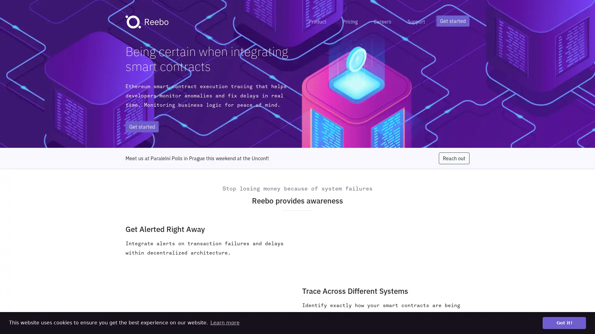 Image resolution: width=595 pixels, height=334 pixels. What do you see at coordinates (453, 21) in the screenshot?
I see `Get started` at bounding box center [453, 21].